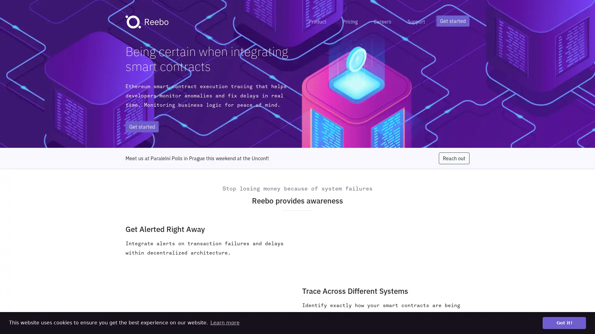 Image resolution: width=595 pixels, height=334 pixels. What do you see at coordinates (453, 21) in the screenshot?
I see `Get started` at bounding box center [453, 21].